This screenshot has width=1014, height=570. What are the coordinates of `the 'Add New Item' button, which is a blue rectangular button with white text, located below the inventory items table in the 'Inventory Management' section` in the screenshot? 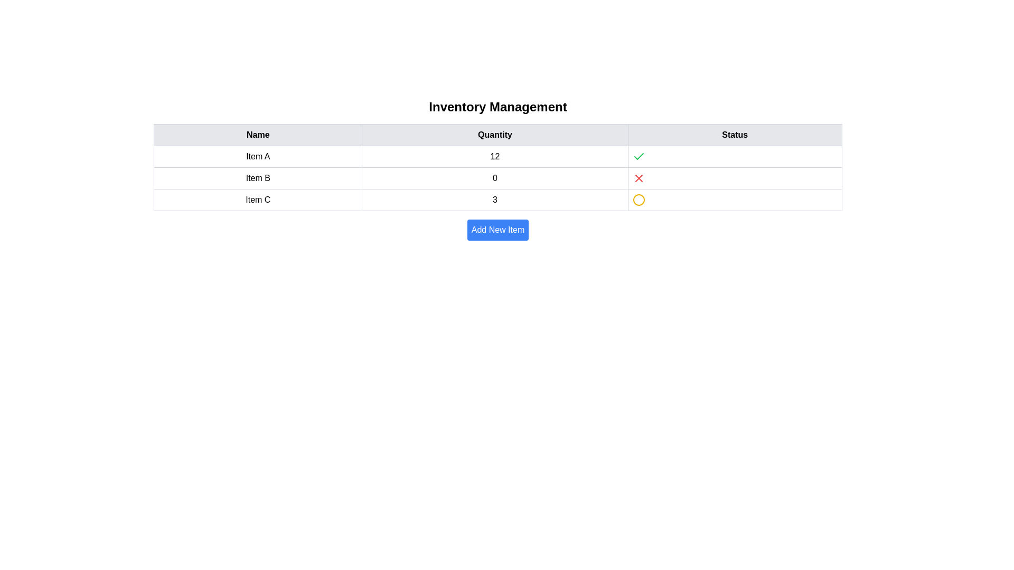 It's located at (497, 229).